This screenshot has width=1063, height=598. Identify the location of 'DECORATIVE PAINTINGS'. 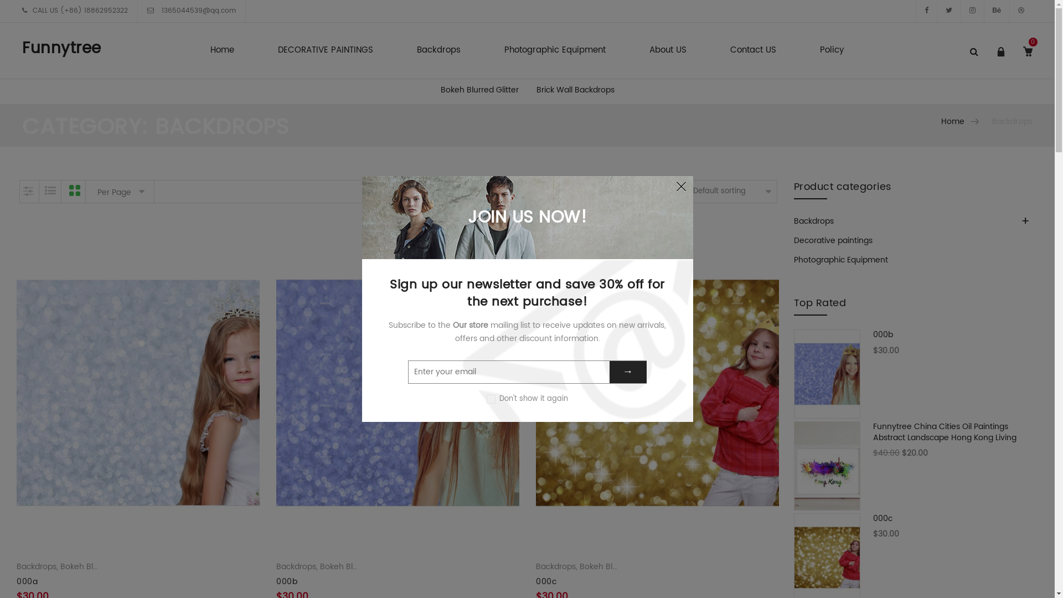
(325, 51).